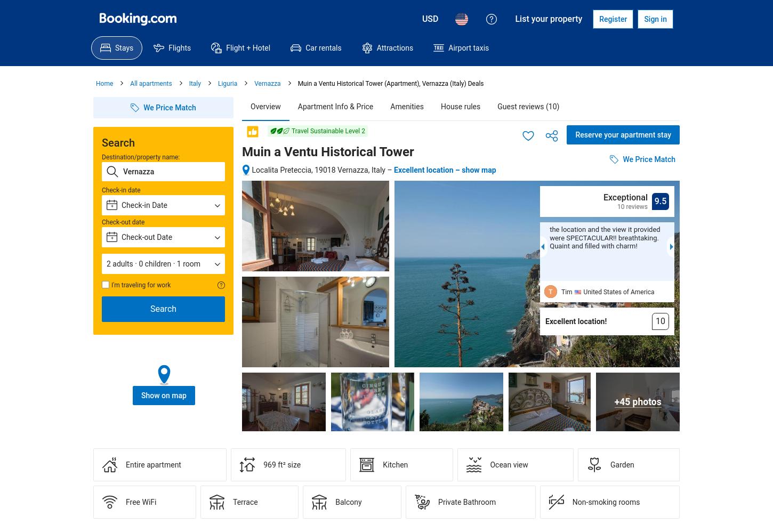 The width and height of the screenshot is (773, 532). Describe the element at coordinates (390, 83) in the screenshot. I see `'Muin a Ventu Historical Tower (Apartment), Vernazza (Italy) Deals'` at that location.